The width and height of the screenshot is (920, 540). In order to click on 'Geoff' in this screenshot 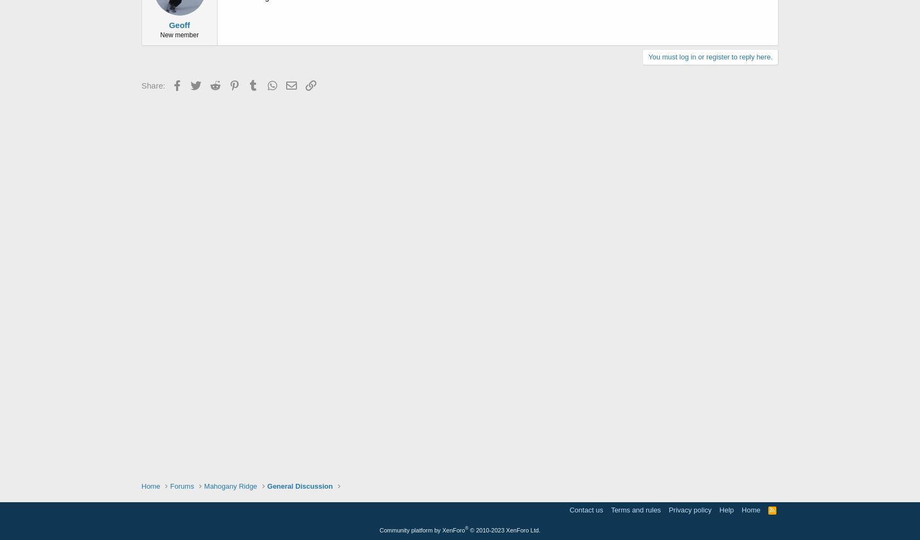, I will do `click(178, 25)`.